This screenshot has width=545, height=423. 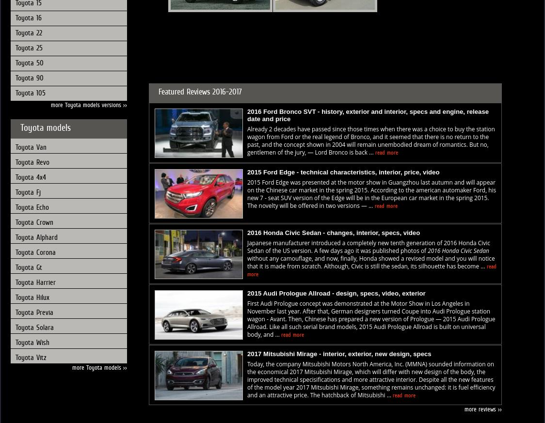 I want to click on 'Toyota Gt', so click(x=28, y=266).